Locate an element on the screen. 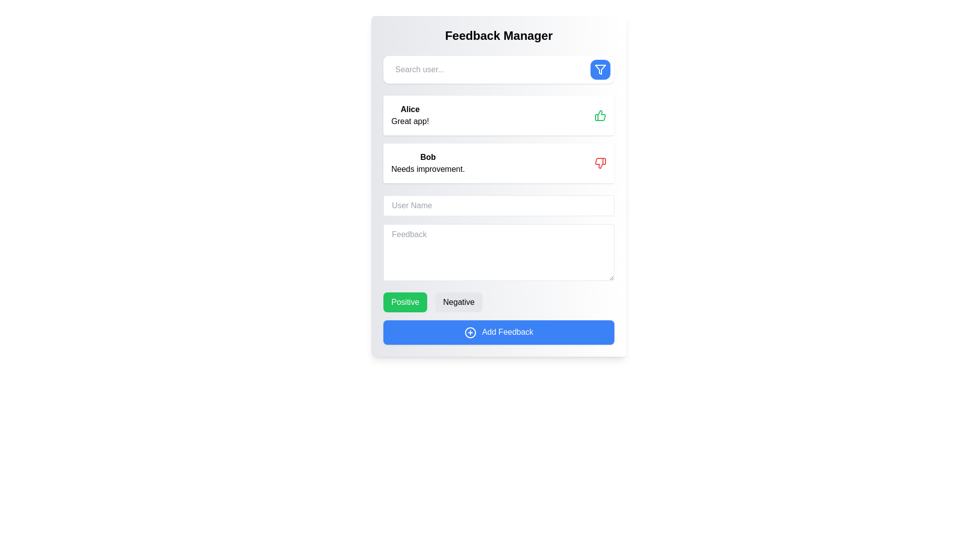 This screenshot has height=538, width=956. the circular icon with a plus sign at its center, which is located within the 'Add Feedback' button on the left side is located at coordinates (470, 332).